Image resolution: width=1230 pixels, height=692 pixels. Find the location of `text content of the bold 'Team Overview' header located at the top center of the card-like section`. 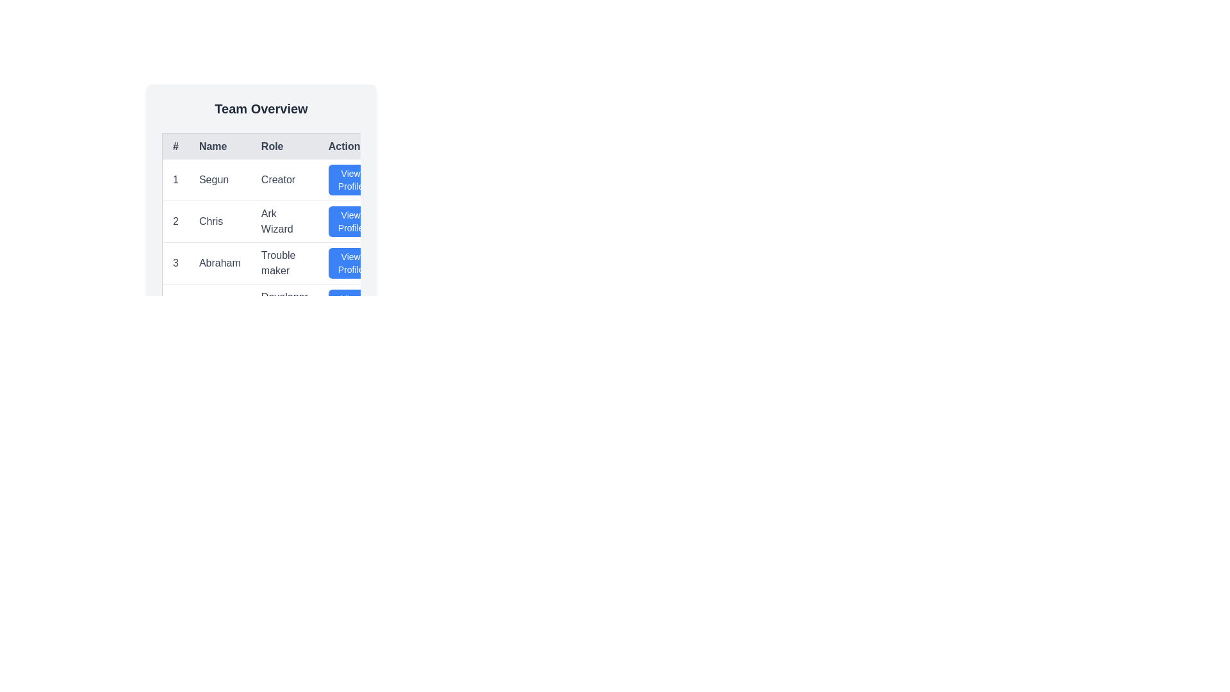

text content of the bold 'Team Overview' header located at the top center of the card-like section is located at coordinates (261, 108).